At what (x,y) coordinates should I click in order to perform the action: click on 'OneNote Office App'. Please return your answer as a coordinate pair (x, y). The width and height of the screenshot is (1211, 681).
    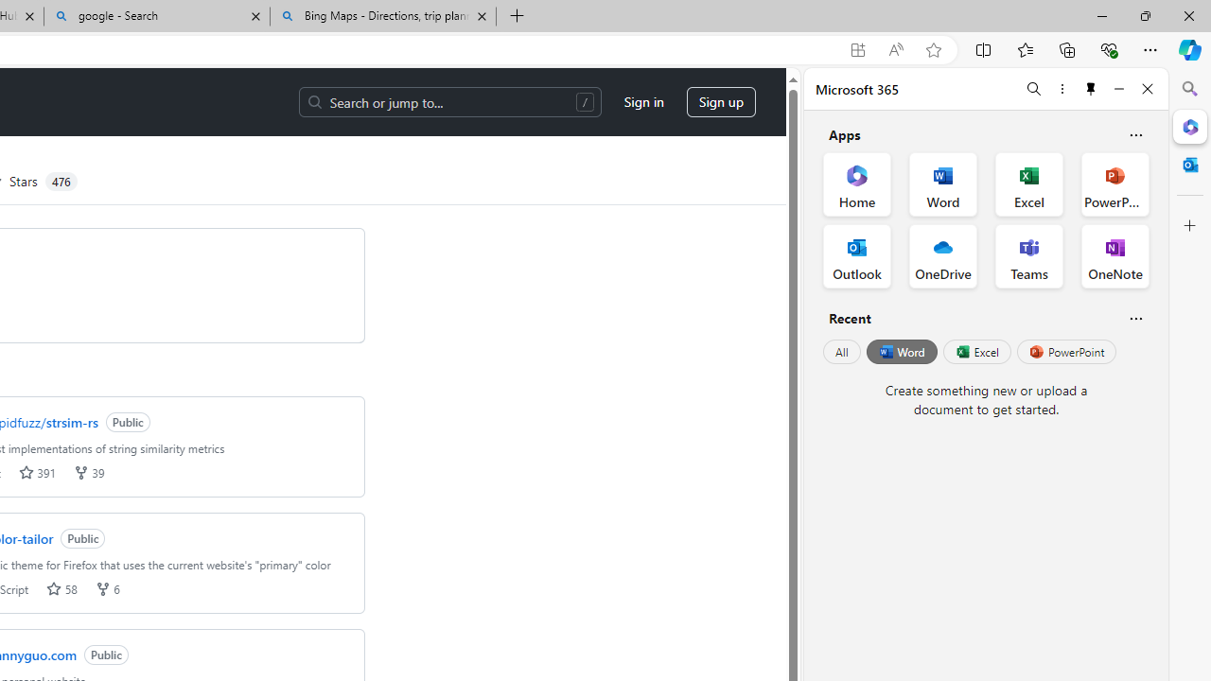
    Looking at the image, I should click on (1114, 256).